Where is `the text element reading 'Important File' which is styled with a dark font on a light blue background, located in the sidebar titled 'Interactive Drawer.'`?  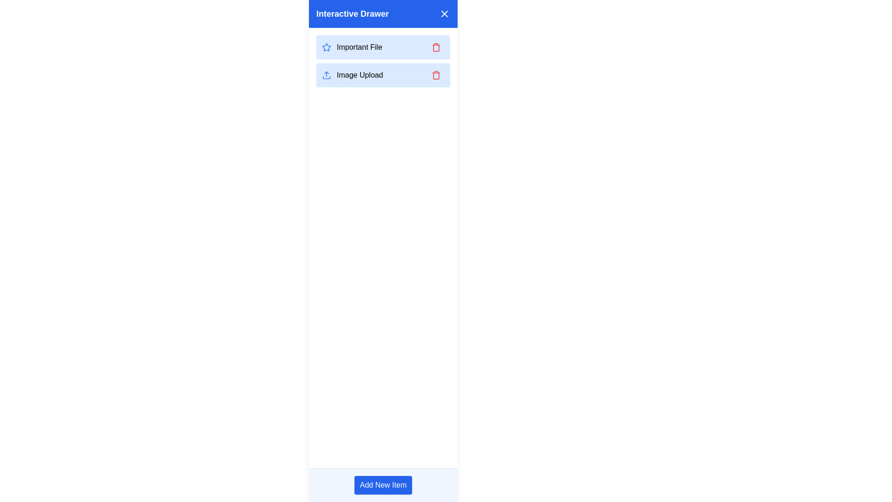 the text element reading 'Important File' which is styled with a dark font on a light blue background, located in the sidebar titled 'Interactive Drawer.' is located at coordinates (359, 47).